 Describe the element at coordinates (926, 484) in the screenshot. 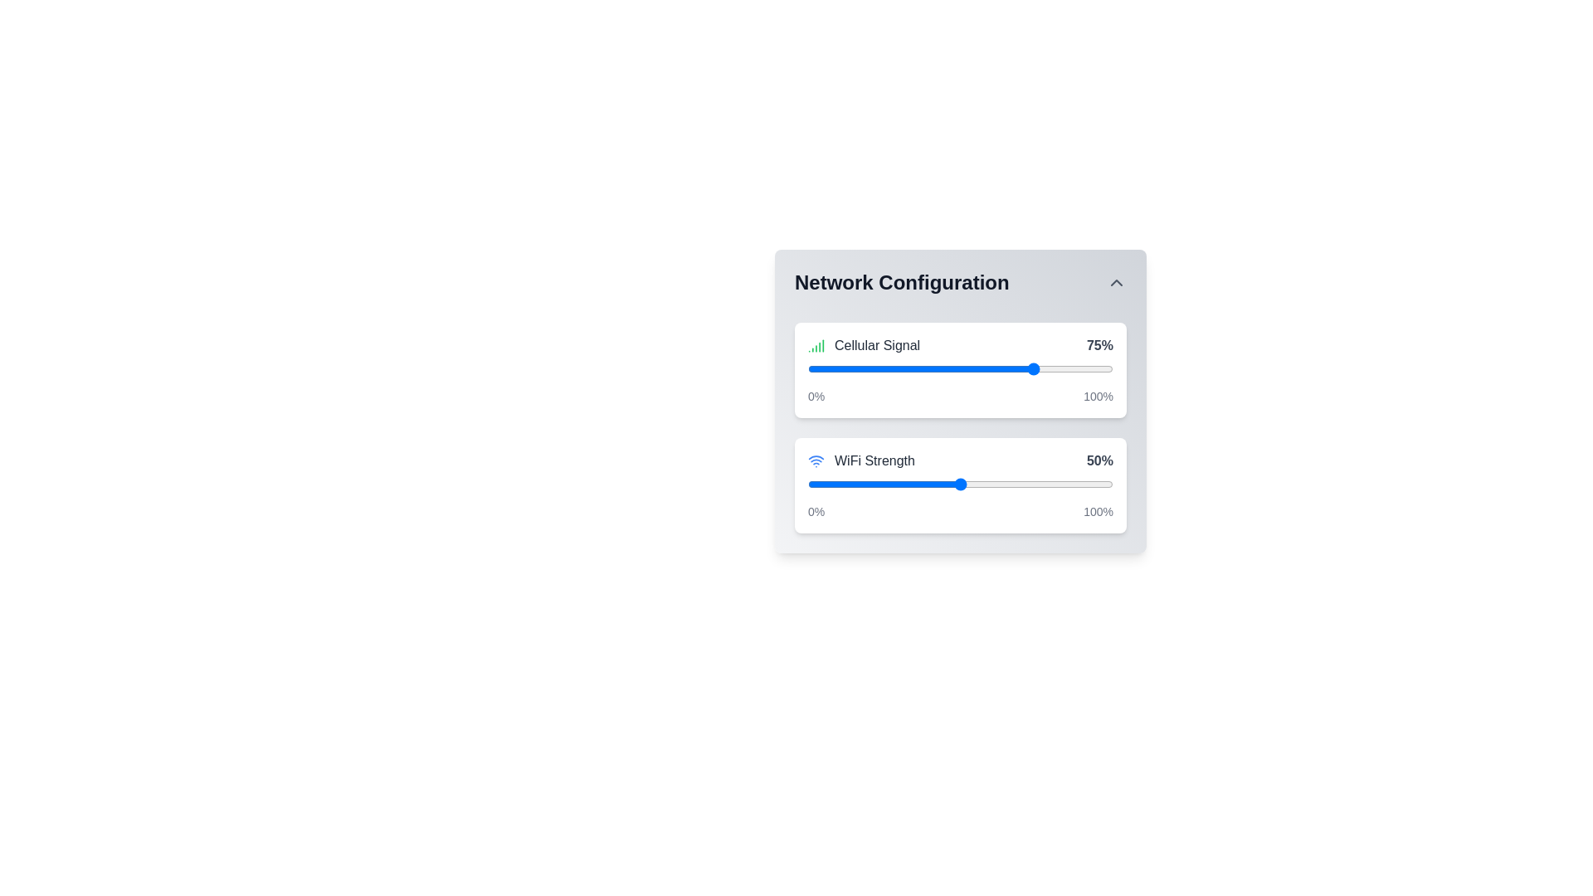

I see `the WiFi strength` at that location.